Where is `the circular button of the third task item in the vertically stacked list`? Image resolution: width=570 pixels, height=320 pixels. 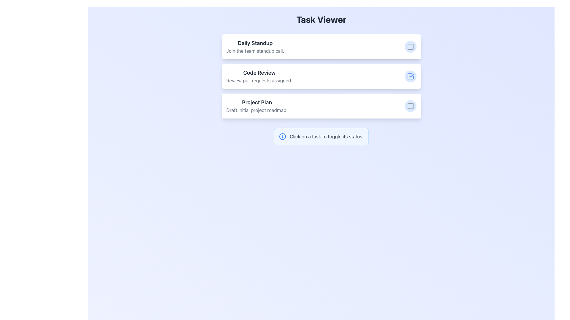 the circular button of the third task item in the vertically stacked list is located at coordinates (321, 106).